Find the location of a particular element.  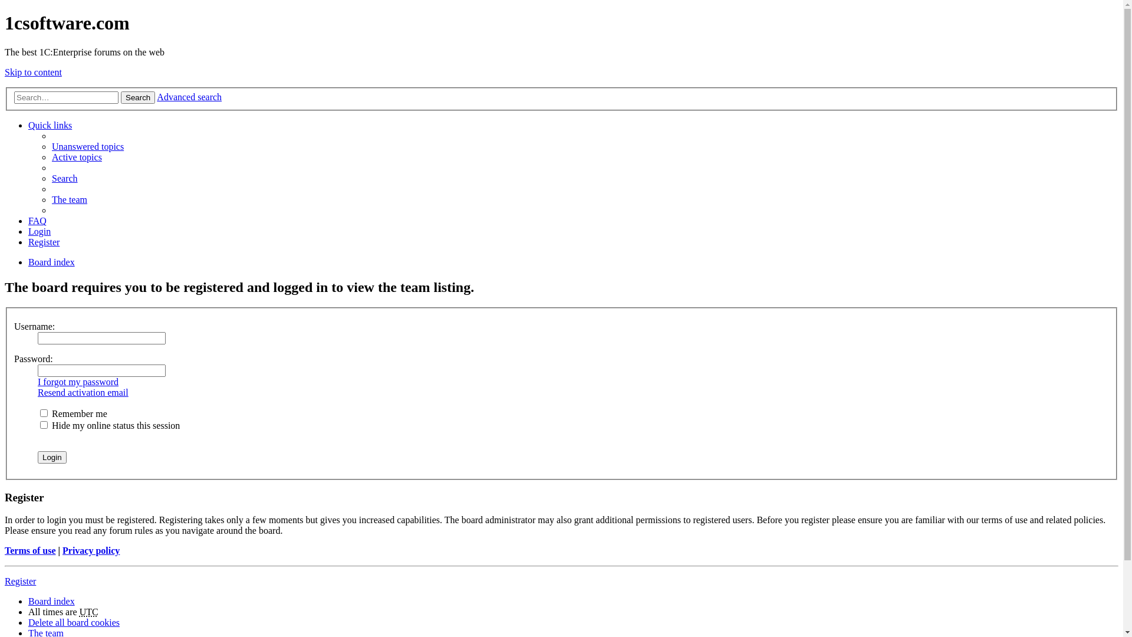

'Active topics' is located at coordinates (76, 156).